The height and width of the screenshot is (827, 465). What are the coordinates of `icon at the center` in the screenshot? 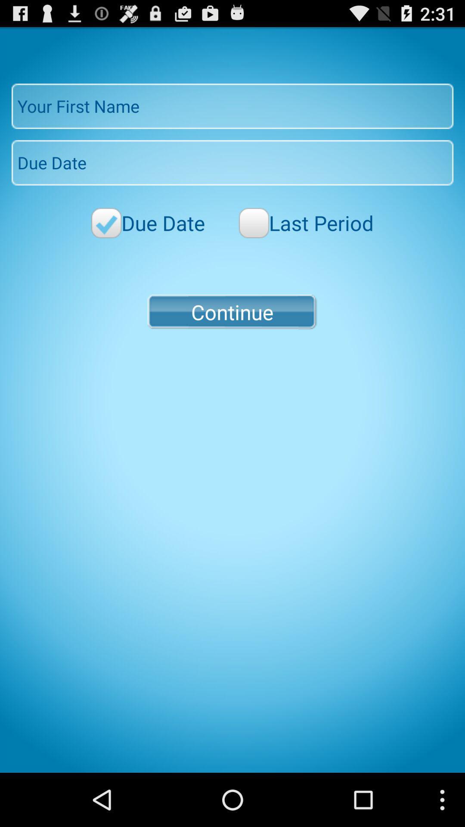 It's located at (232, 311).